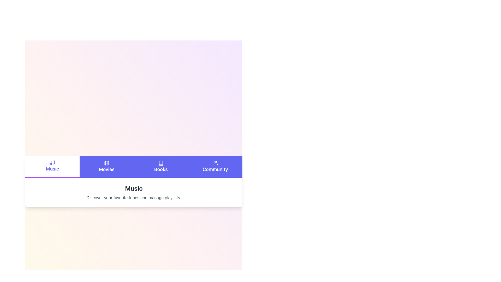 The width and height of the screenshot is (501, 282). What do you see at coordinates (161, 163) in the screenshot?
I see `the 'Books' section icon located above the text label 'Books' in the navigation bar` at bounding box center [161, 163].